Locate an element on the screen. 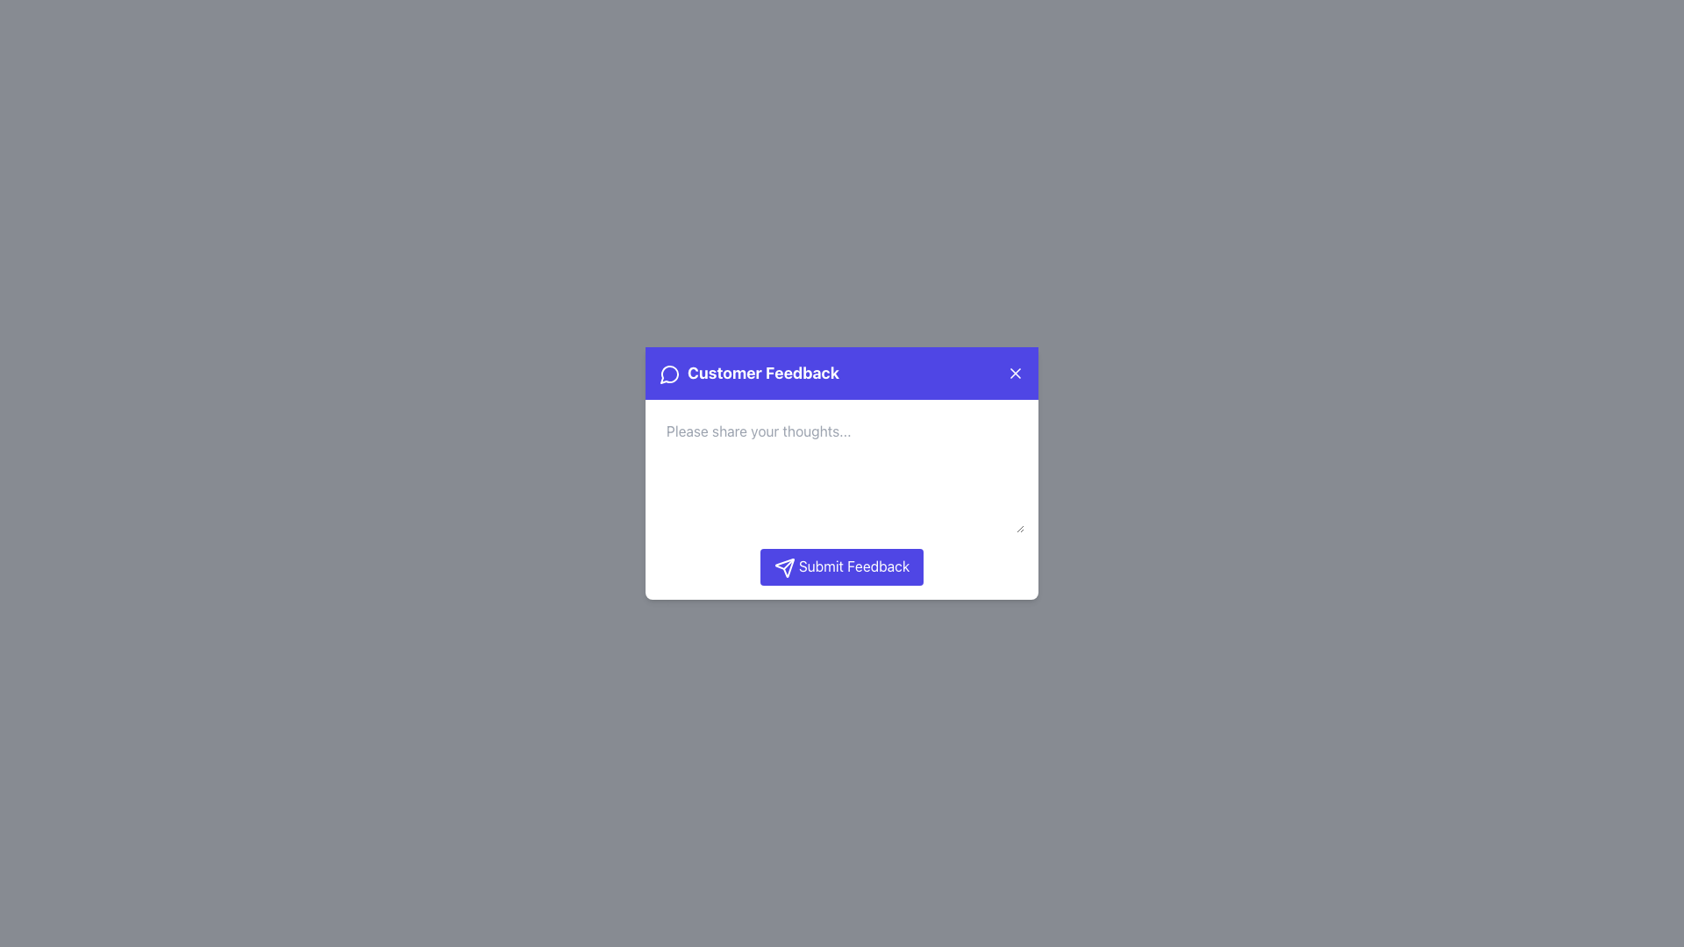  the decorative icon within the 'Submit Feedback' button located in the bottom section of the feedback panel is located at coordinates (783, 567).